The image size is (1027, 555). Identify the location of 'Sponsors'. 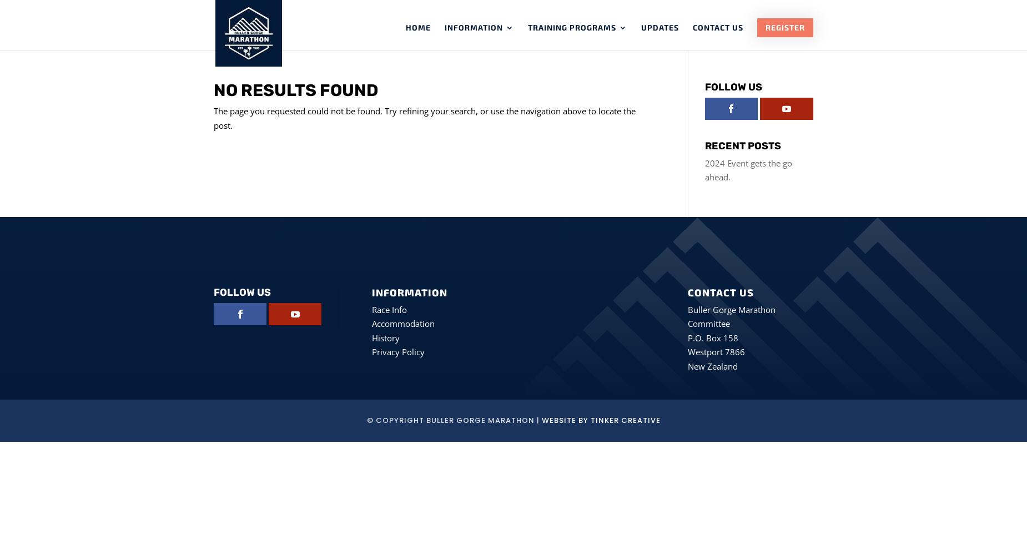
(489, 162).